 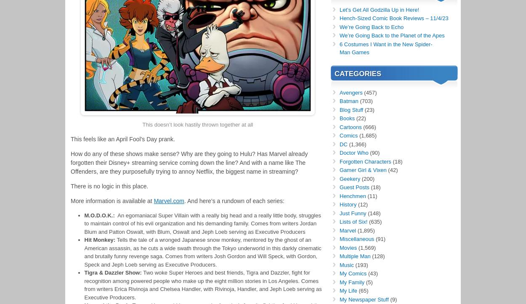 What do you see at coordinates (379, 9) in the screenshot?
I see `'Let’s Get All Godzilla Up in Here!'` at bounding box center [379, 9].